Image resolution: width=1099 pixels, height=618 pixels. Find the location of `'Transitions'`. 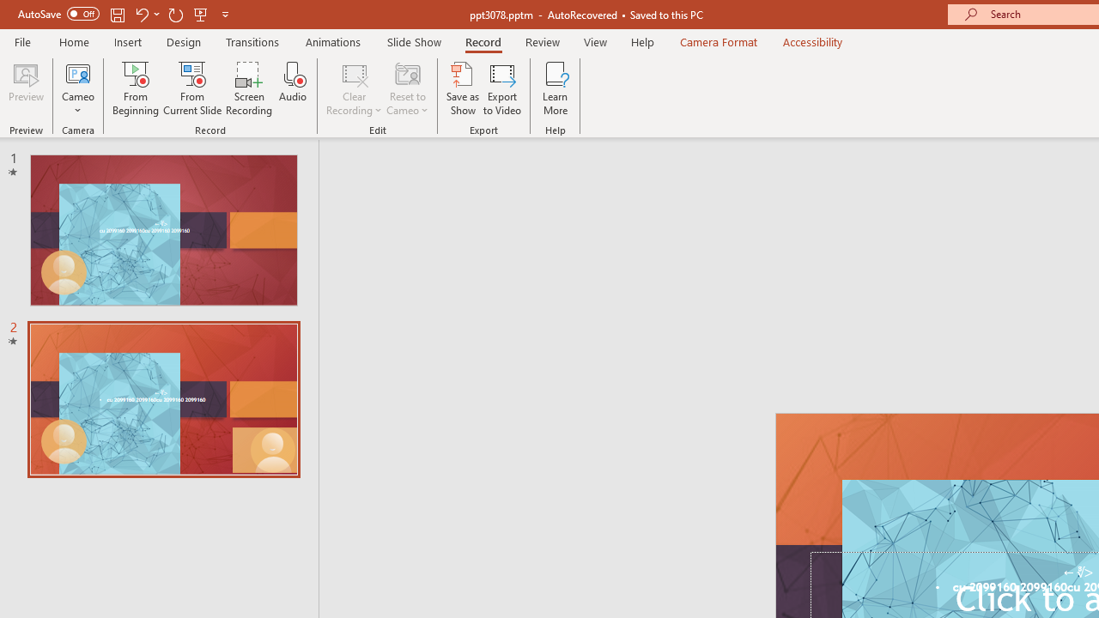

'Transitions' is located at coordinates (252, 41).